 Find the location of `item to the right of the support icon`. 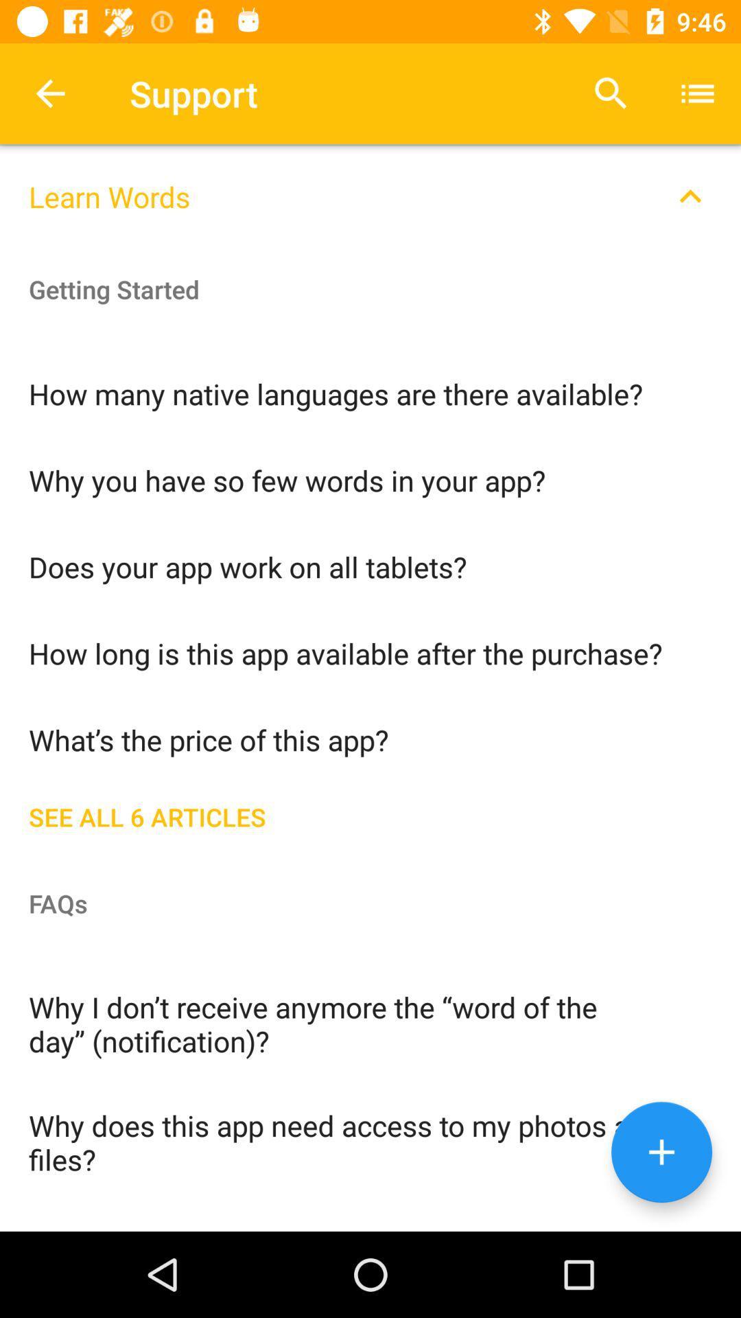

item to the right of the support icon is located at coordinates (611, 93).